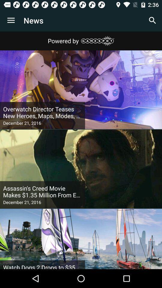 This screenshot has width=162, height=288. Describe the element at coordinates (42, 191) in the screenshot. I see `the assassin s creed item` at that location.